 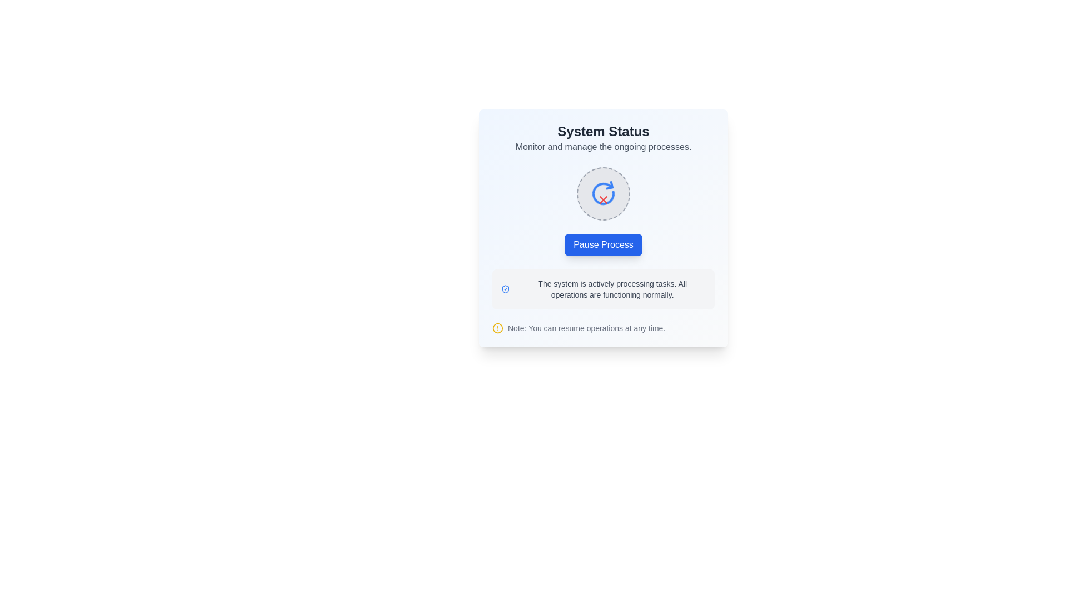 What do you see at coordinates (602, 193) in the screenshot?
I see `the graphical status indicator located centrally below the 'System Status' header and above the 'Pause Process' button` at bounding box center [602, 193].